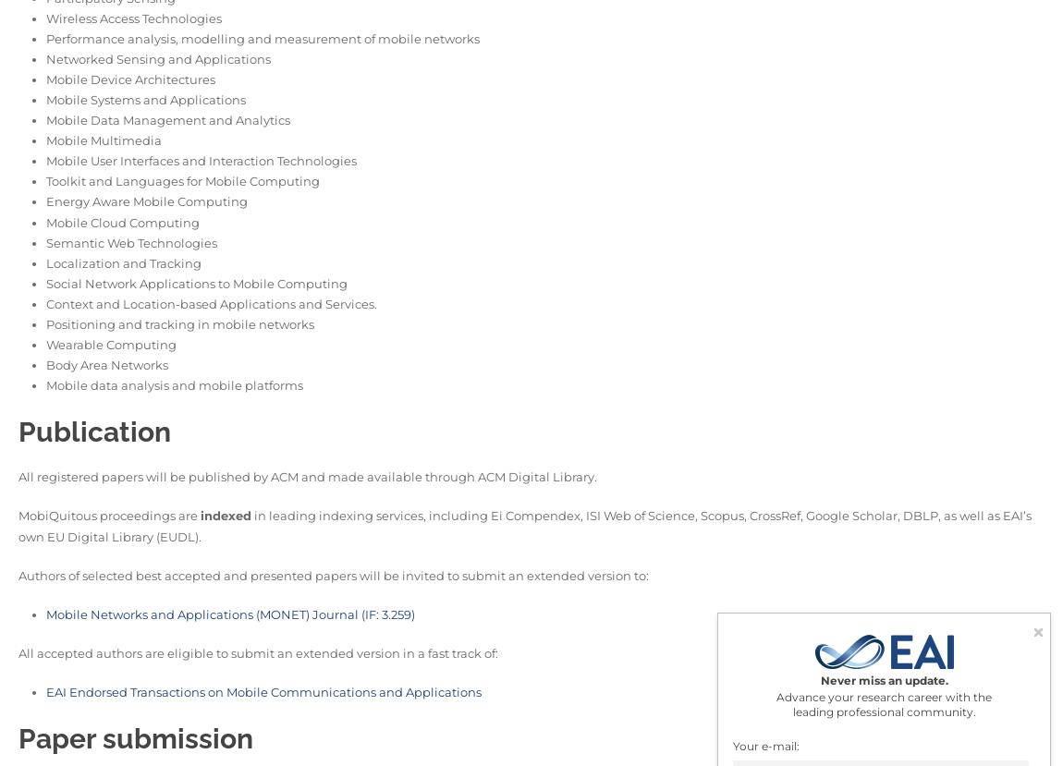 The width and height of the screenshot is (1063, 766). I want to click on 'MobiQuitous proceedings are', so click(108, 515).